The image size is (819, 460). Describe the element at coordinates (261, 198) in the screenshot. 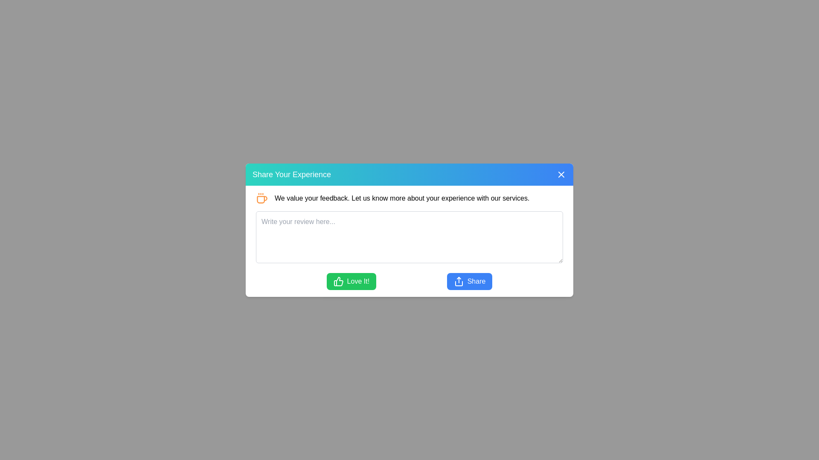

I see `the decorative icon positioned to the left of the feedback text, symbolizing a relaxing environment` at that location.